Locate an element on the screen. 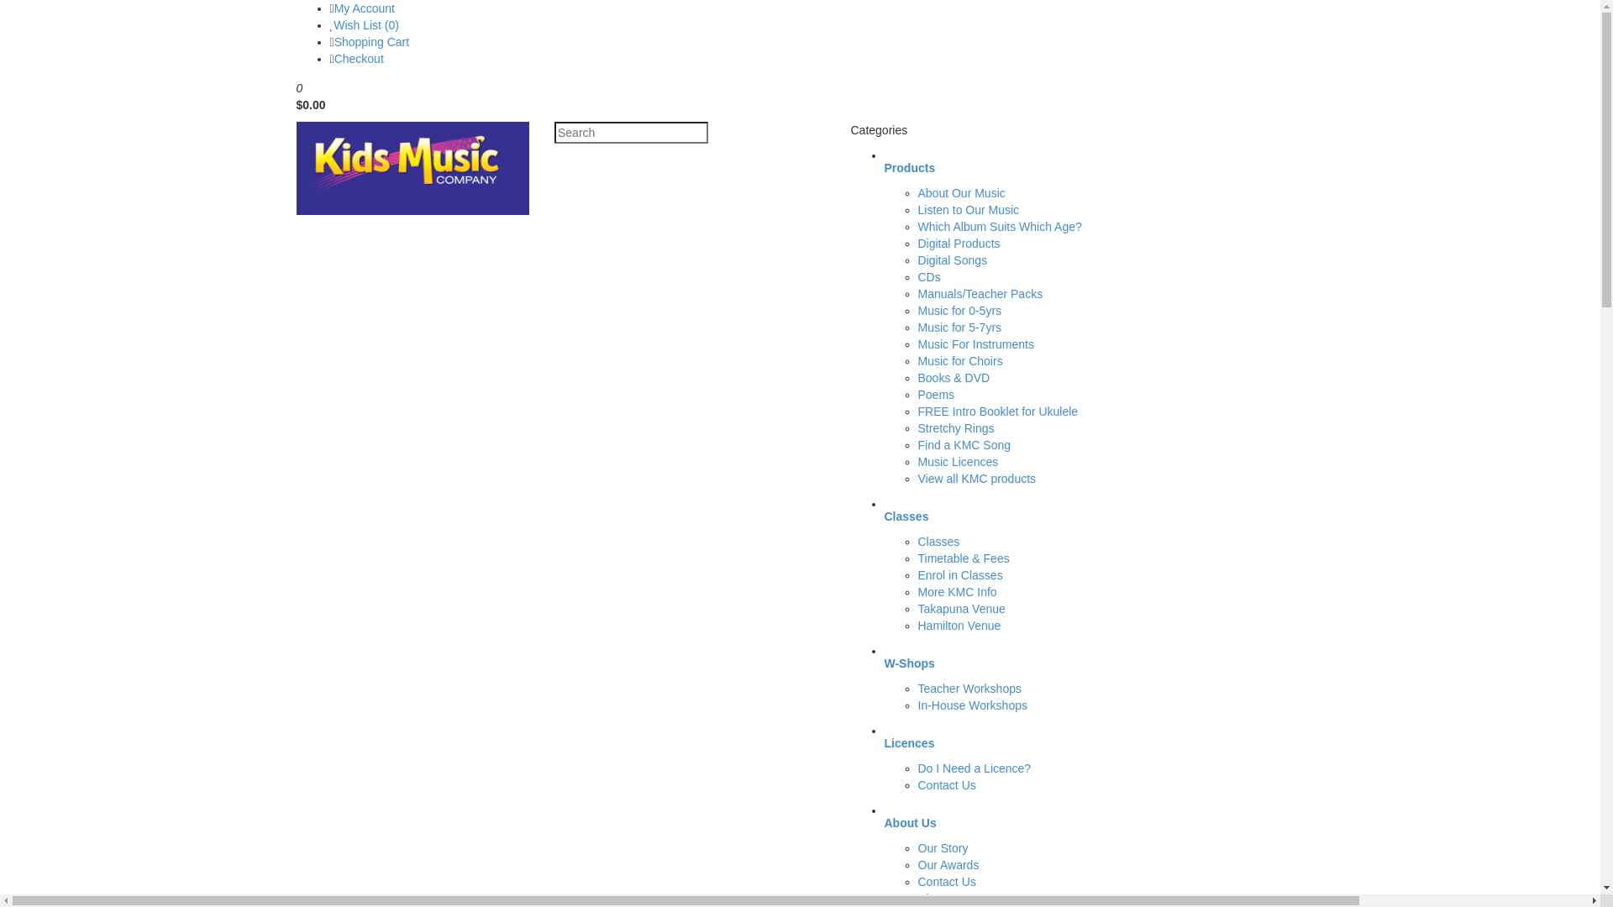 This screenshot has height=907, width=1613. 'Teacher Workshops' is located at coordinates (969, 689).